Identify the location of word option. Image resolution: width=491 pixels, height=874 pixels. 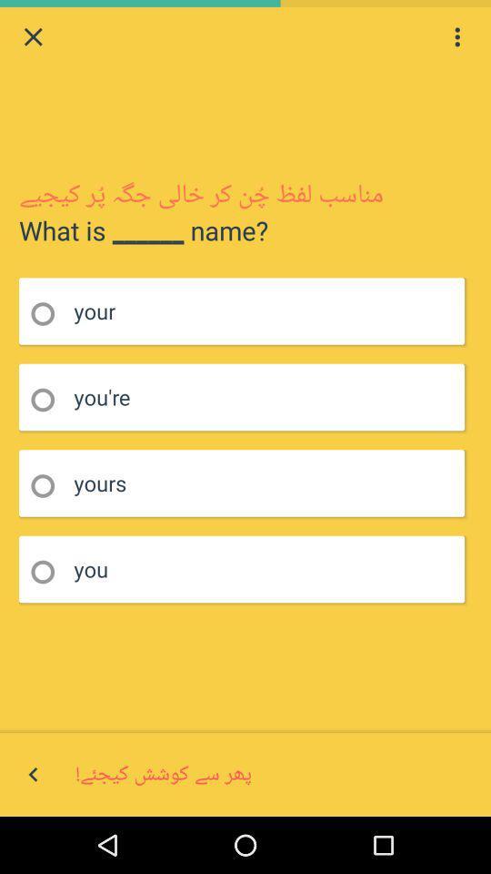
(48, 485).